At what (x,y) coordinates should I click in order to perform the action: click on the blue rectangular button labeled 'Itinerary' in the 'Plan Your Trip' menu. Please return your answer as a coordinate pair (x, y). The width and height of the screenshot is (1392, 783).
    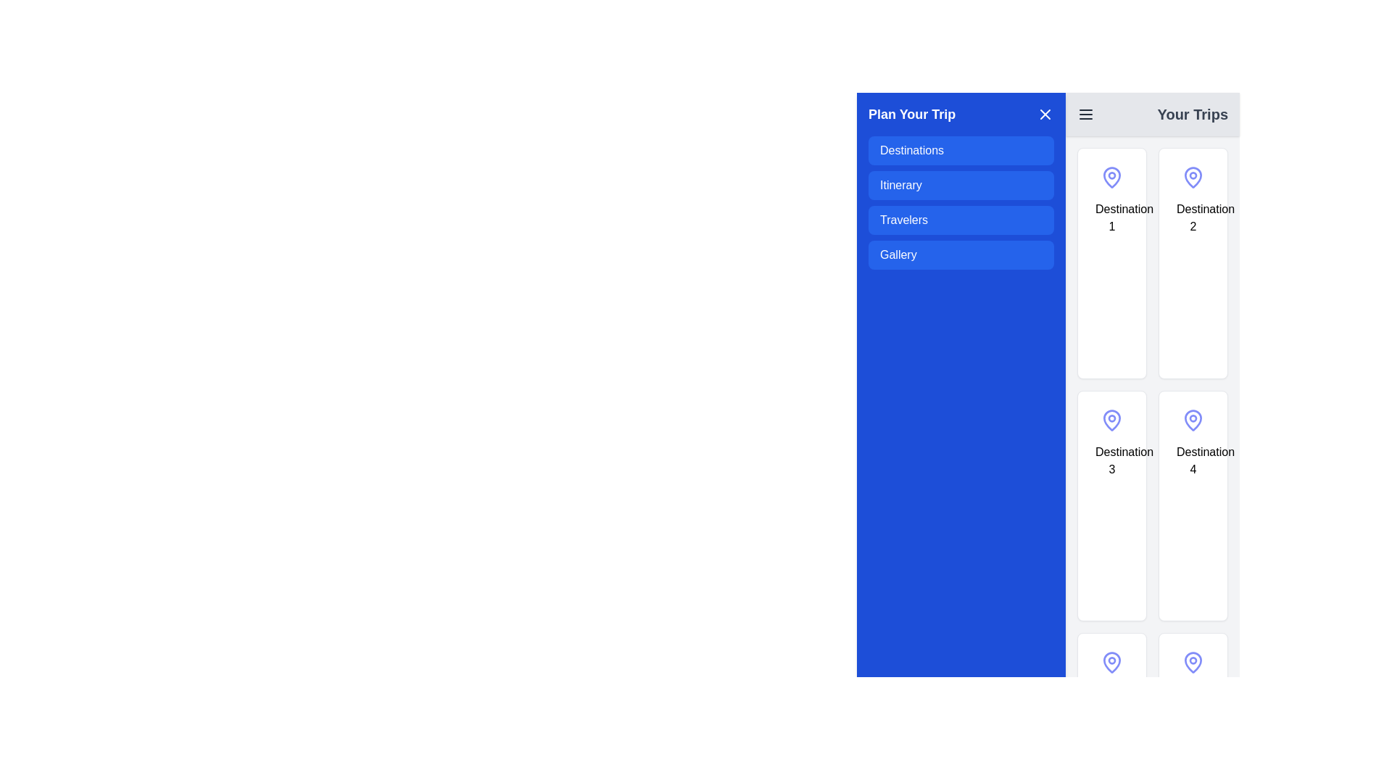
    Looking at the image, I should click on (961, 184).